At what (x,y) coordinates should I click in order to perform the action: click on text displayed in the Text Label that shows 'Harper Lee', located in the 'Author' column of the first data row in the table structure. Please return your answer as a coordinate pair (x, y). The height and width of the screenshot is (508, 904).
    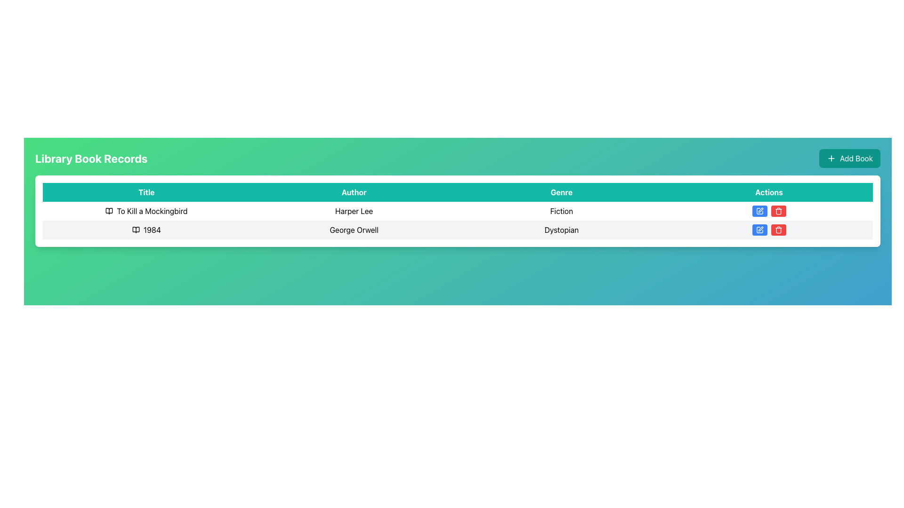
    Looking at the image, I should click on (354, 210).